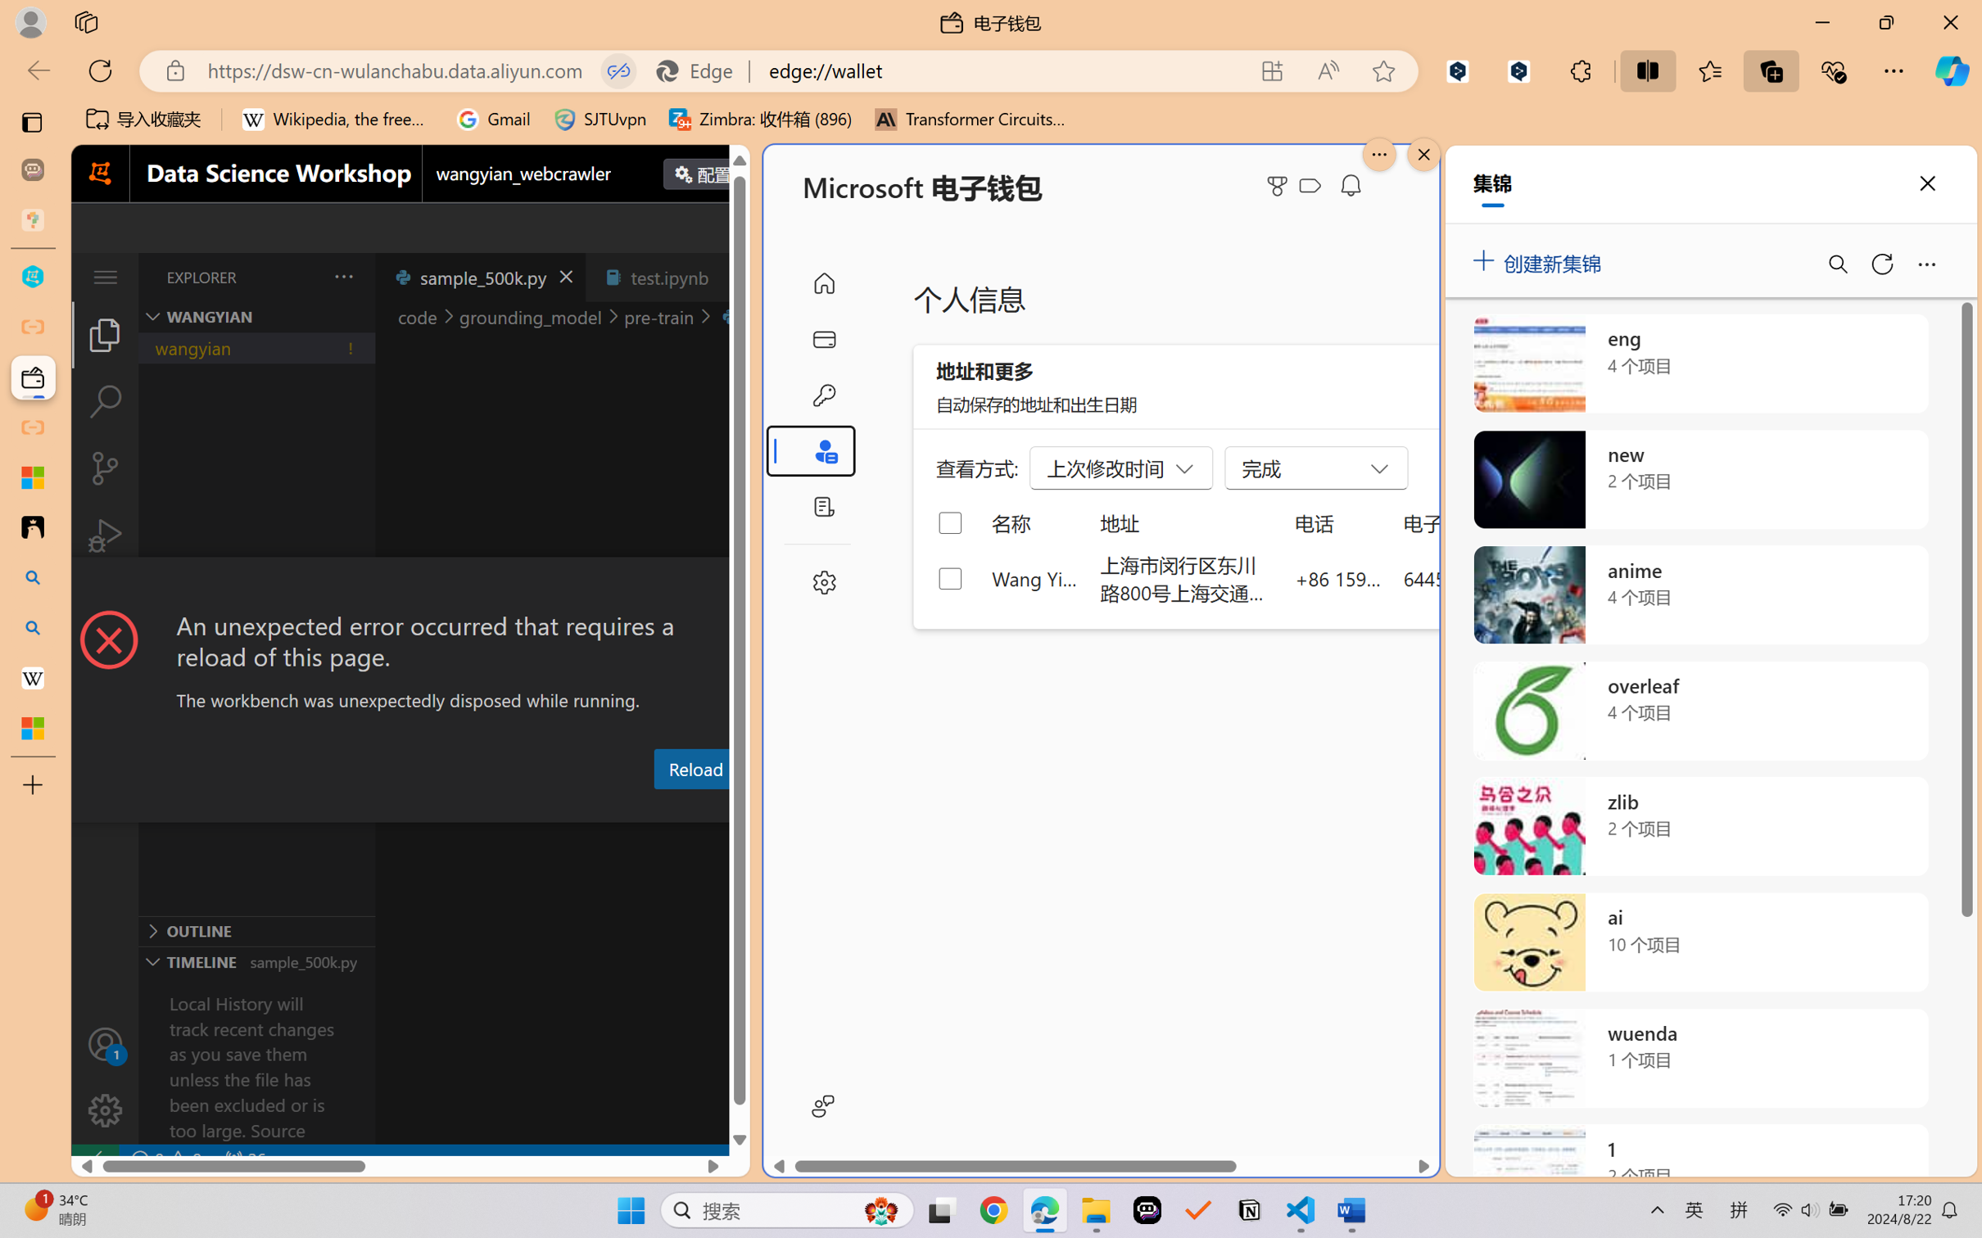  I want to click on 'Explorer Section: wangyian', so click(256, 316).